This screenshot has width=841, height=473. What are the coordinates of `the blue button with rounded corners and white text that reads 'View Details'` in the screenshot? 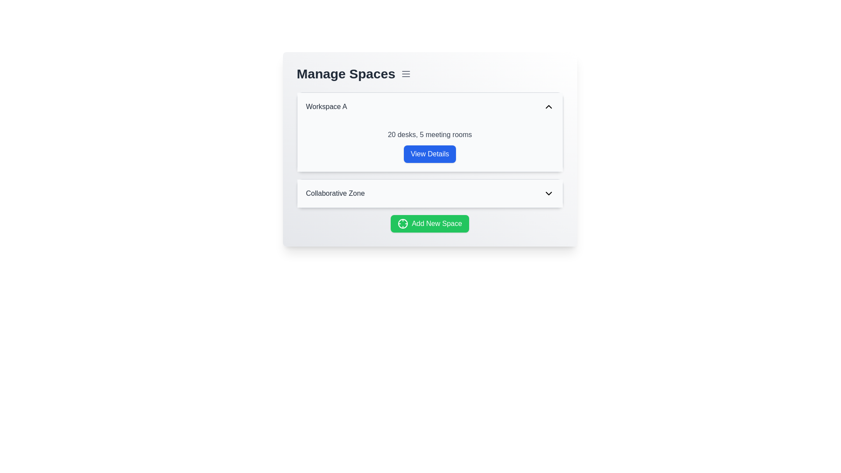 It's located at (430, 148).